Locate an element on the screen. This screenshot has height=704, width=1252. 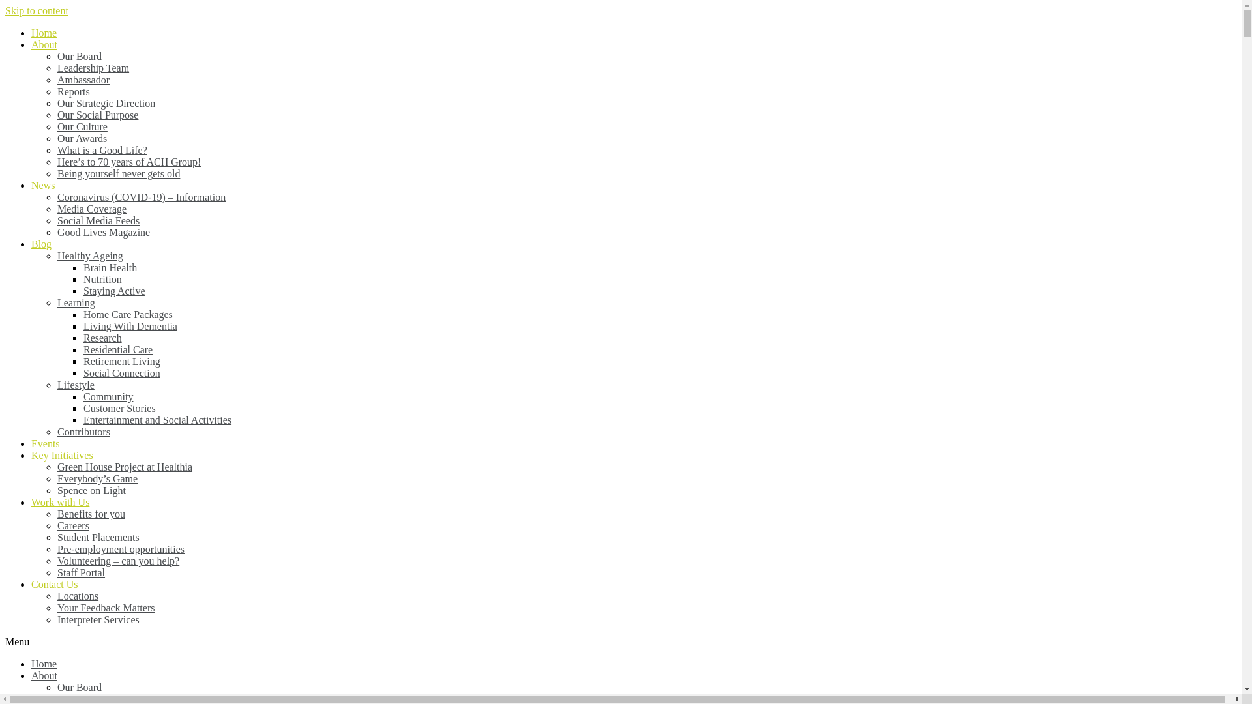
'Healthy Ageing' is located at coordinates (89, 256).